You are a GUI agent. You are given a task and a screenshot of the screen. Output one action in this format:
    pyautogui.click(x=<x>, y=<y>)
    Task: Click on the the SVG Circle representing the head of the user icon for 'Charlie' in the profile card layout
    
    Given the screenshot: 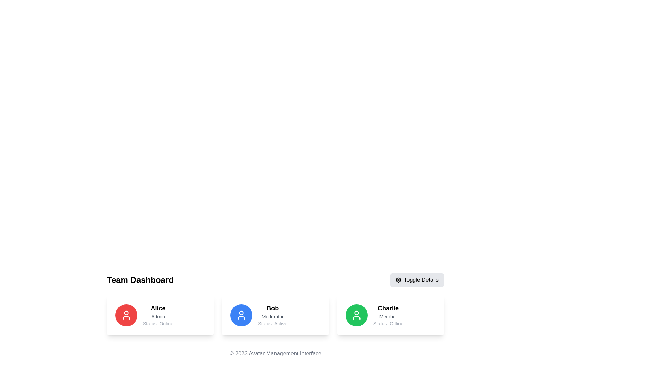 What is the action you would take?
    pyautogui.click(x=356, y=313)
    